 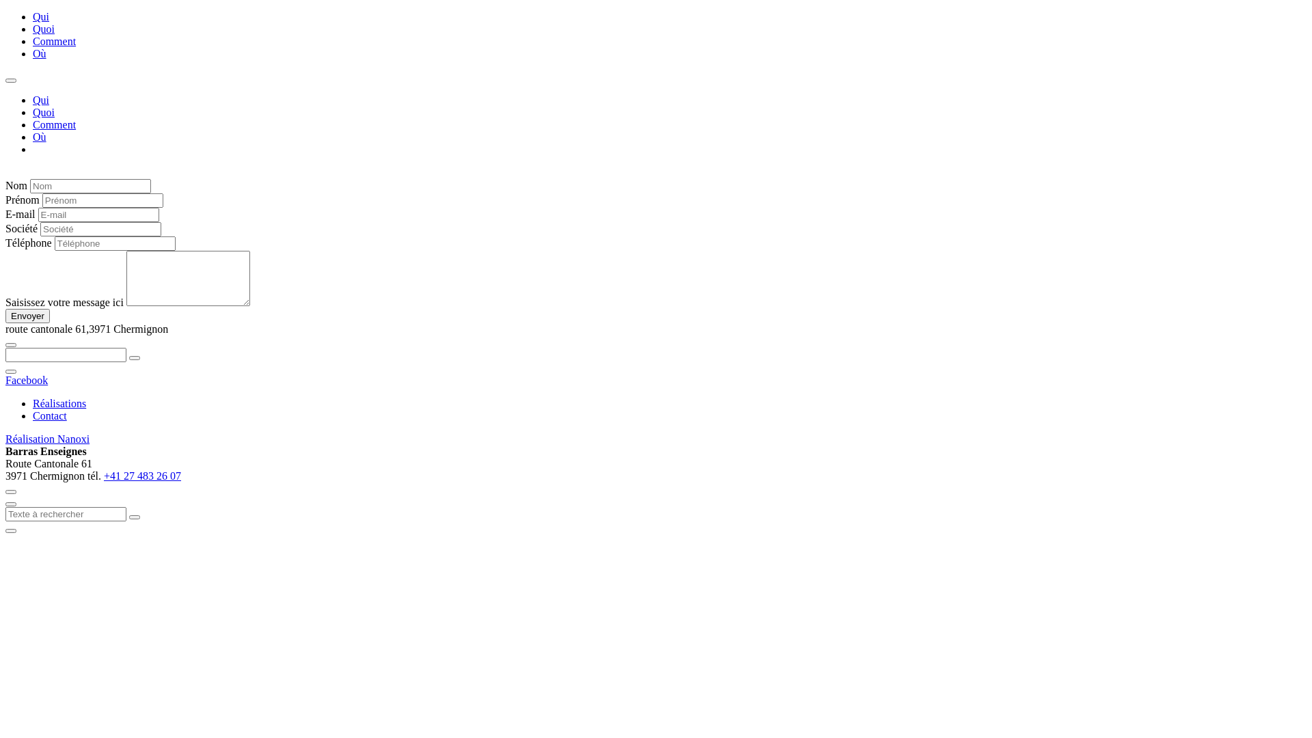 What do you see at coordinates (27, 316) in the screenshot?
I see `'Envoyer'` at bounding box center [27, 316].